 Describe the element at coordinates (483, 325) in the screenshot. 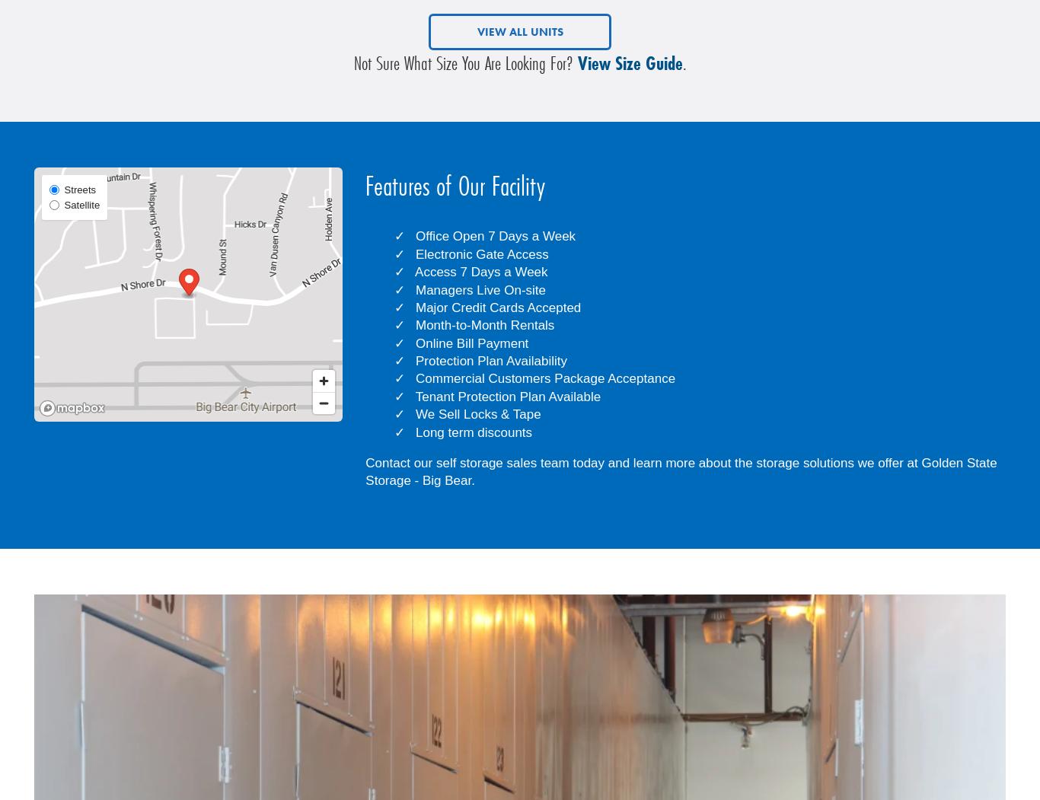

I see `'Month-to-Month Rentals'` at that location.